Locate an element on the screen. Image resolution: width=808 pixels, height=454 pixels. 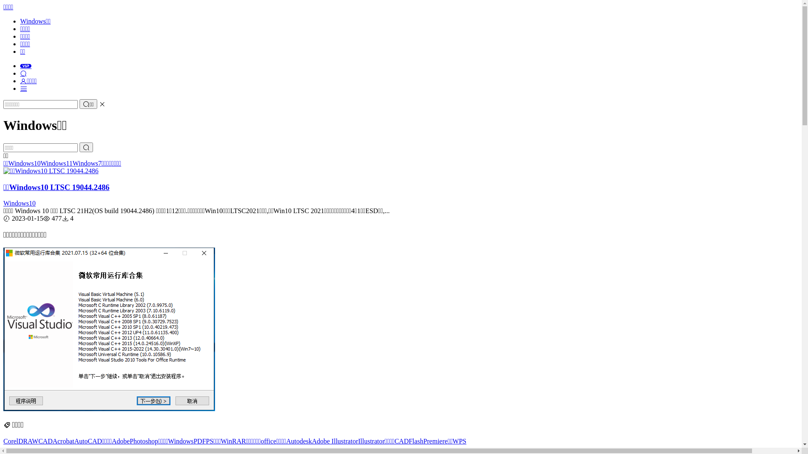
'CAD' is located at coordinates (45, 441).